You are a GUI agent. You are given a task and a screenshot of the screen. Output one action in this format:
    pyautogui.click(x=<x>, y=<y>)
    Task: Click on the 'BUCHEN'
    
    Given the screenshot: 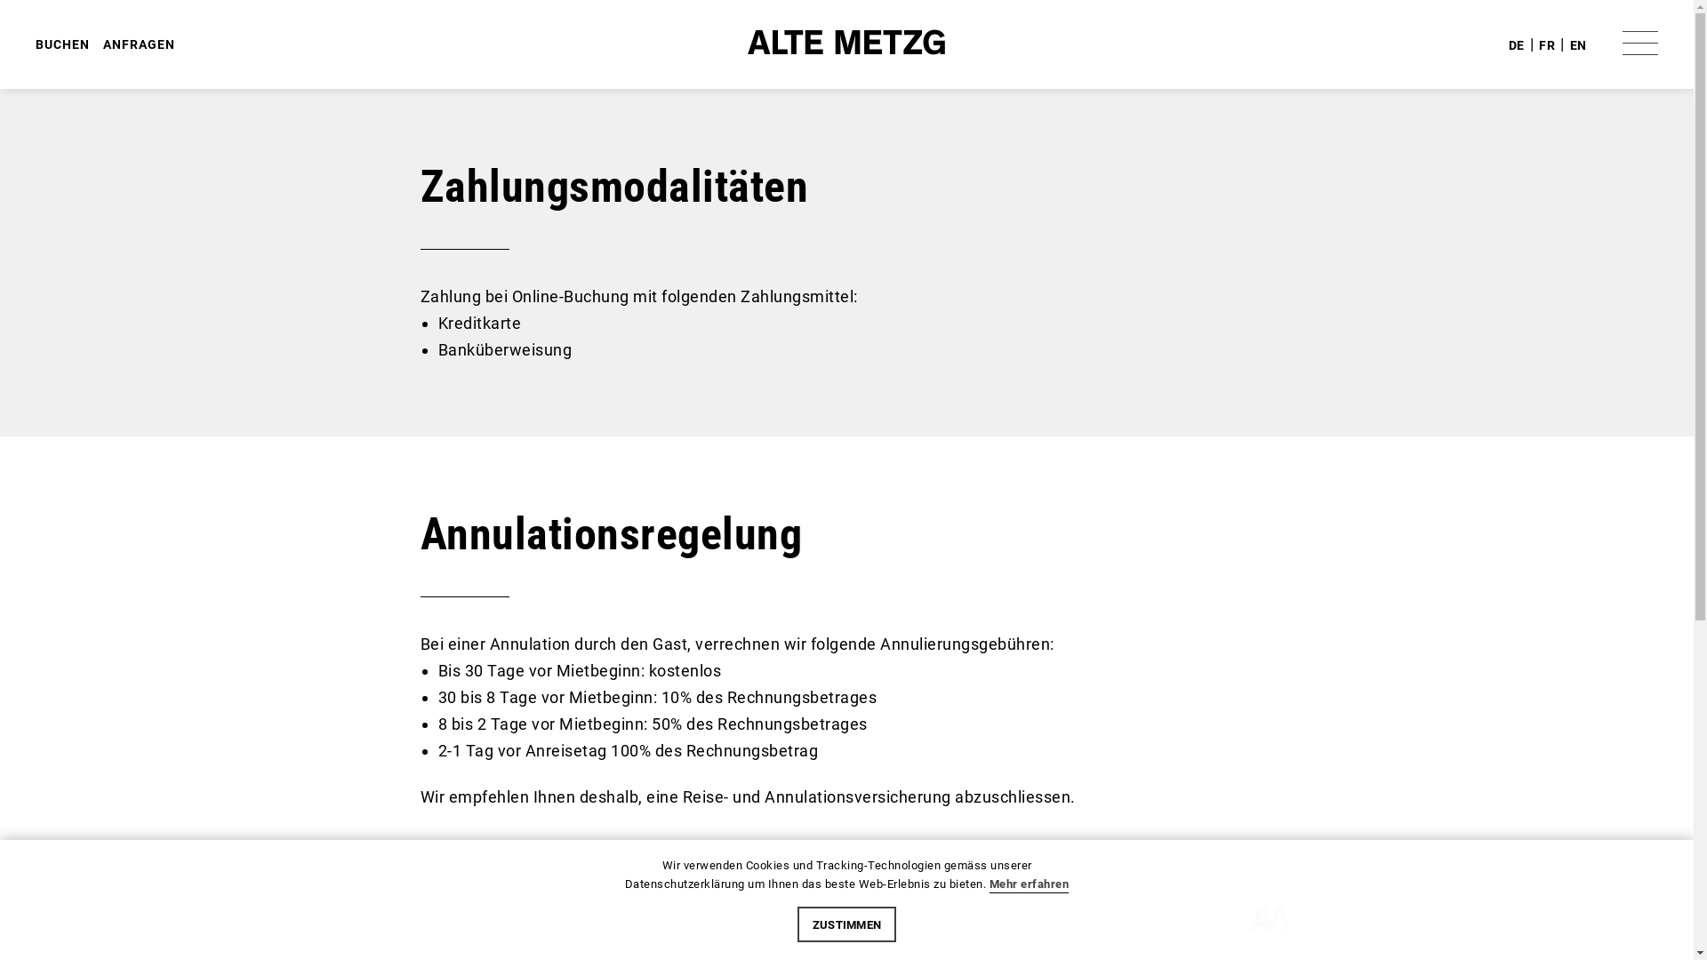 What is the action you would take?
    pyautogui.click(x=62, y=44)
    